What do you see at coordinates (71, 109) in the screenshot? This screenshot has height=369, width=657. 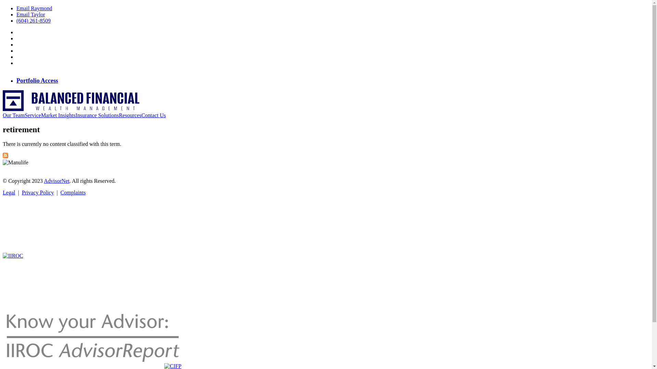 I see `'Home'` at bounding box center [71, 109].